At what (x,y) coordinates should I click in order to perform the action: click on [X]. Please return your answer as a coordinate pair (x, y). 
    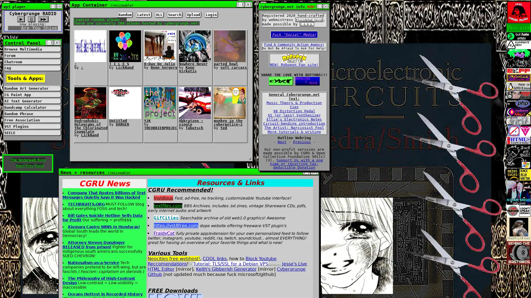
    Looking at the image, I should click on (314, 172).